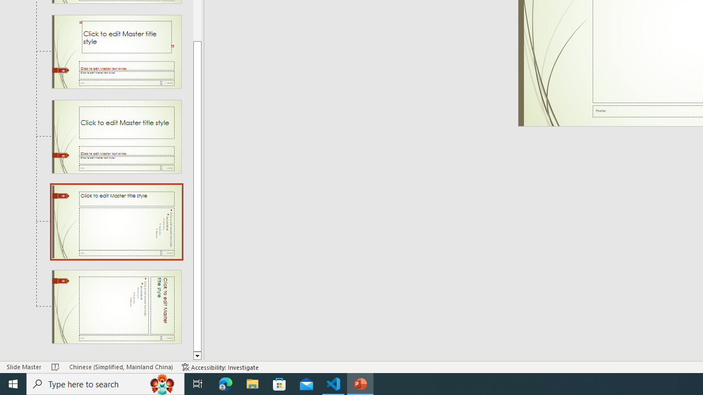 The image size is (703, 395). I want to click on 'Slide Vertical Title and Text Layout: used by no slides', so click(116, 307).